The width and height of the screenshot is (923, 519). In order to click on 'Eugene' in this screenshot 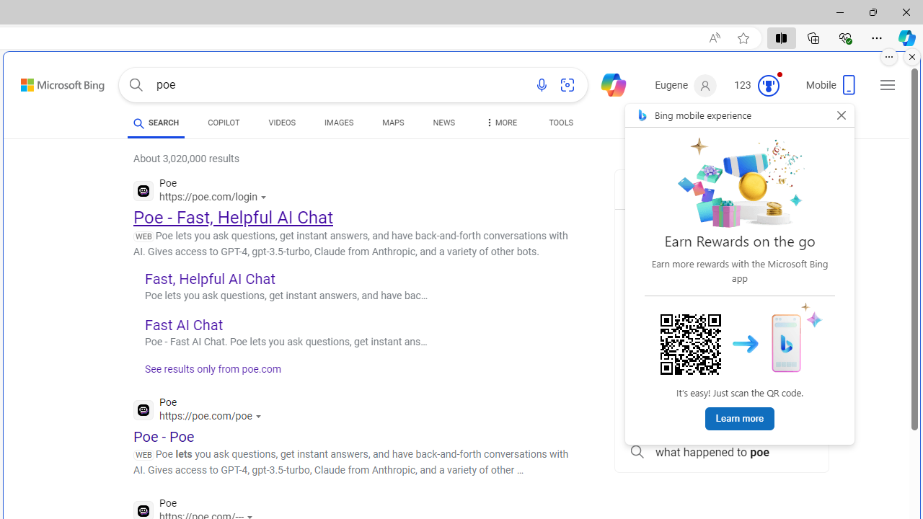, I will do `click(685, 86)`.